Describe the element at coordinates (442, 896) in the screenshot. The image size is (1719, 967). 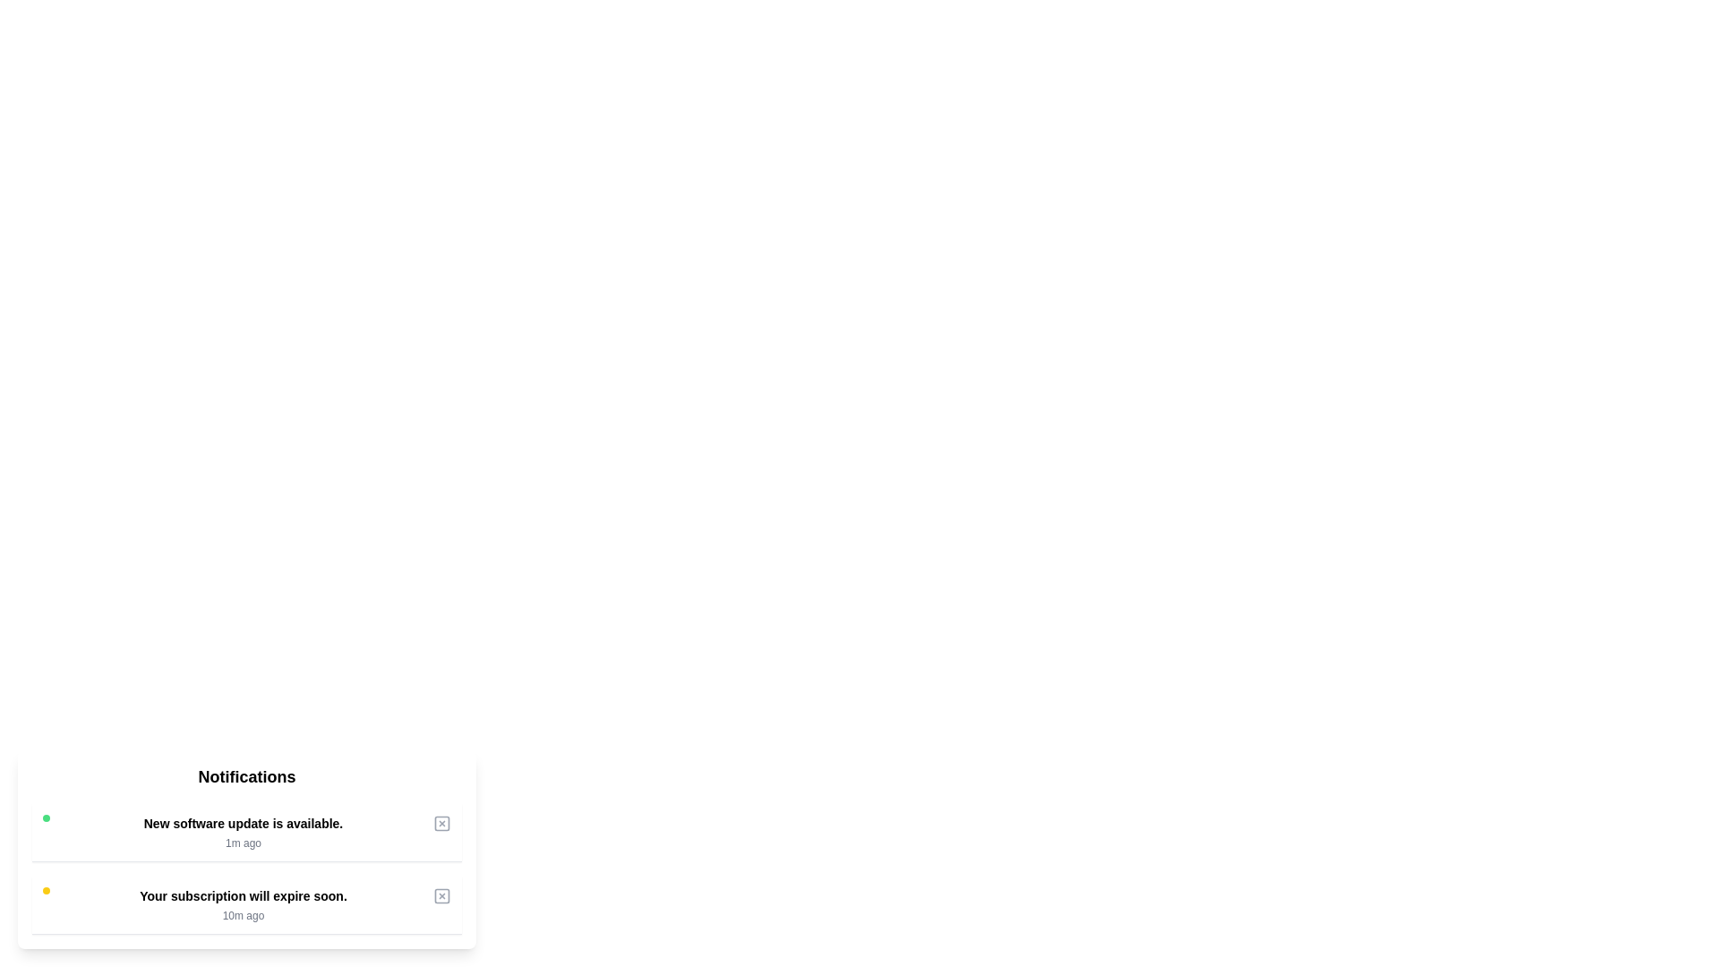
I see `the small square graphical element with rounded corners and a thin border that serves as the base for a close or dismiss-themed icon located at the bottom-right corner of the second notification card` at that location.